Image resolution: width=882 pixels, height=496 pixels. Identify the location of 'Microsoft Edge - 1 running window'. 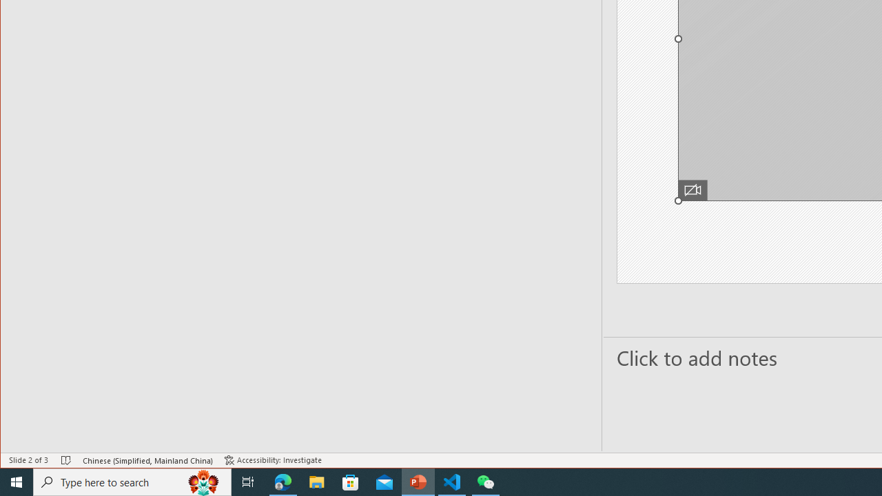
(283, 481).